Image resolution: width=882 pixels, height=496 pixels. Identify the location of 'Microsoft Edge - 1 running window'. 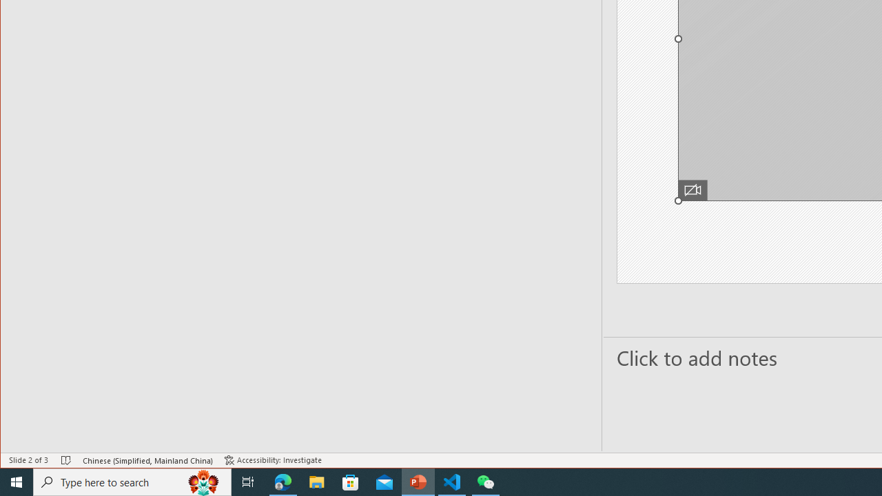
(283, 481).